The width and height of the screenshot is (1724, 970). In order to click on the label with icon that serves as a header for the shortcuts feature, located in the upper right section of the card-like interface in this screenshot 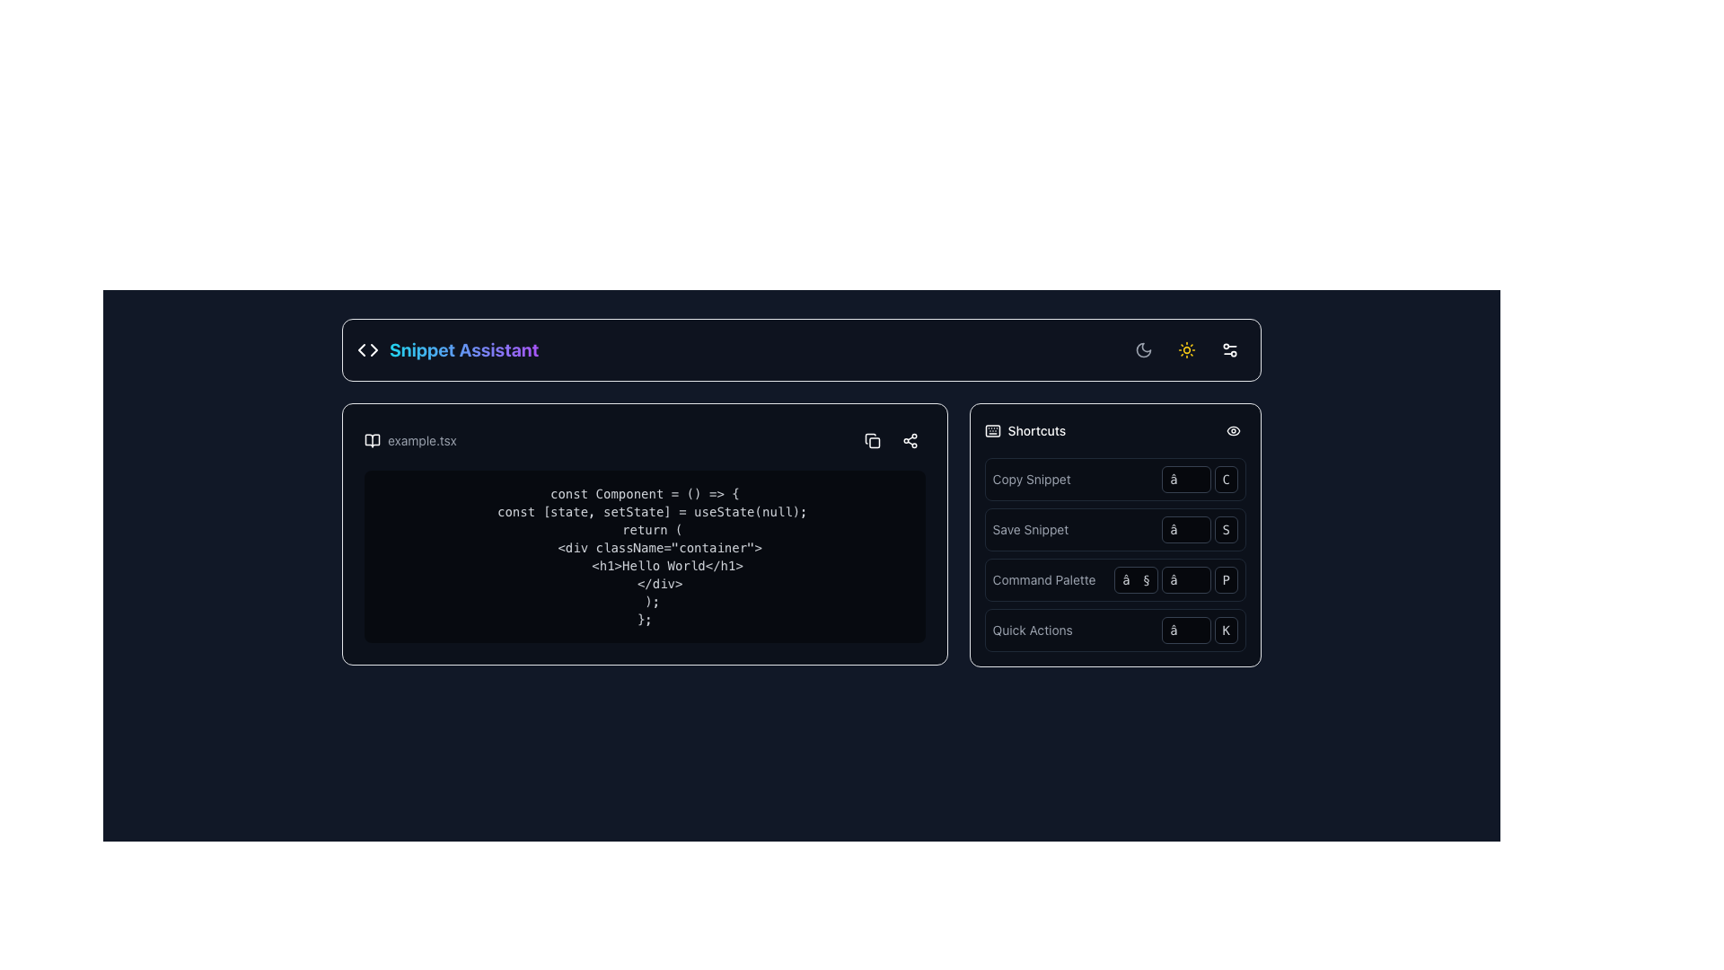, I will do `click(1025, 430)`.